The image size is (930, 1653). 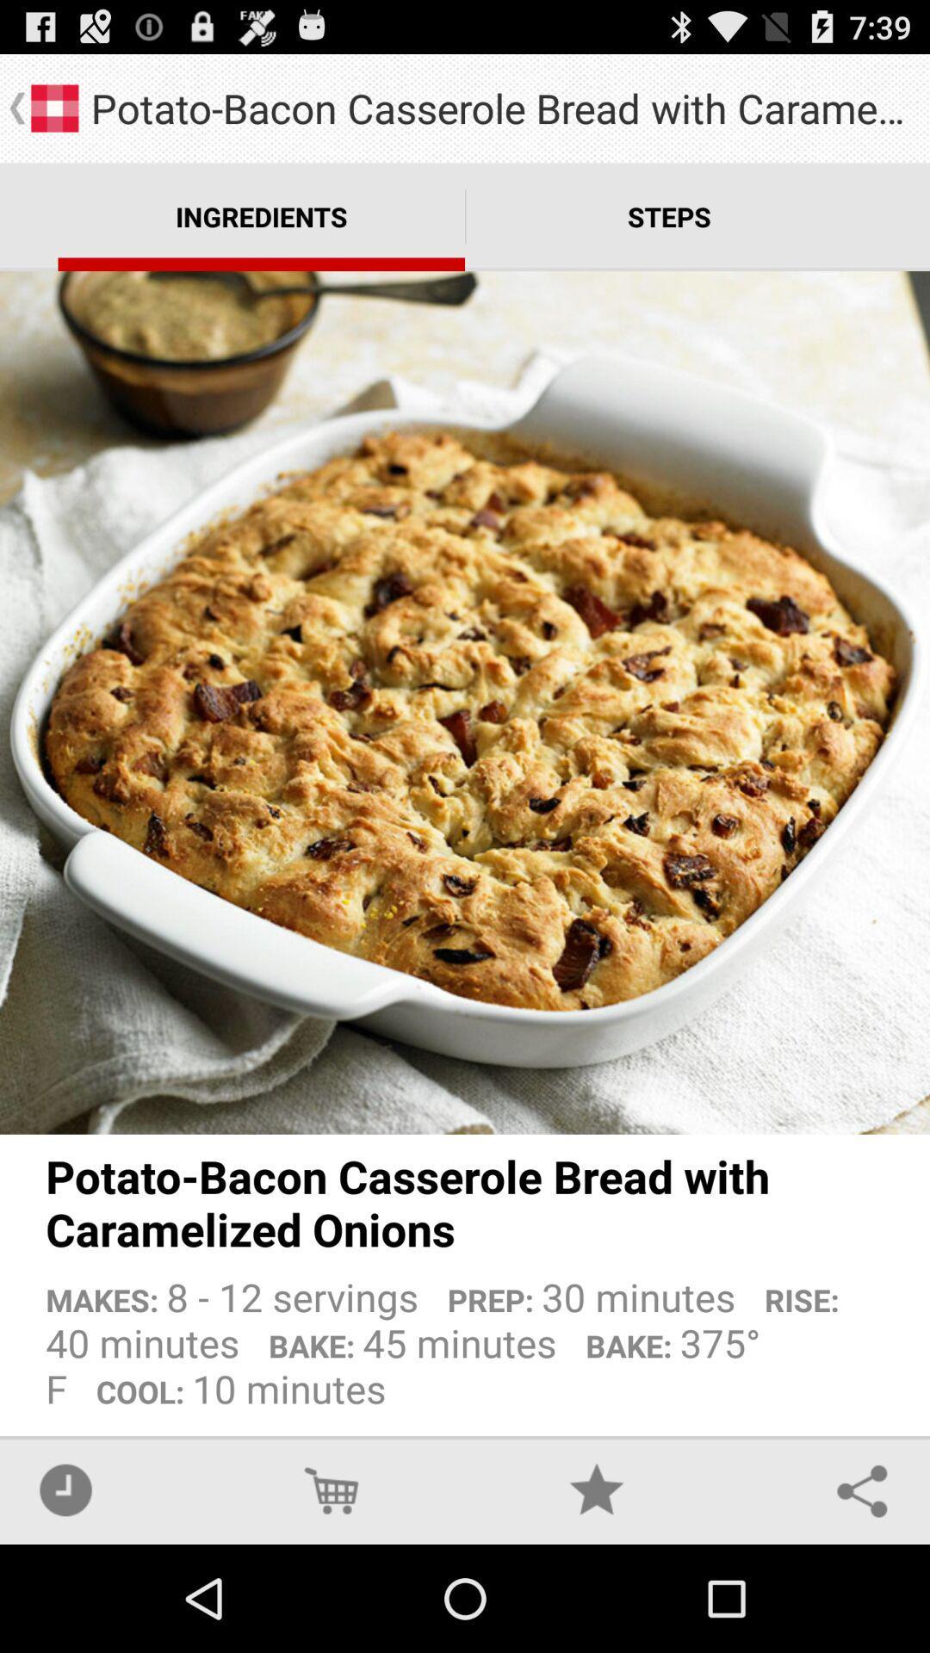 What do you see at coordinates (862, 1489) in the screenshot?
I see `icon at the bottom right corner` at bounding box center [862, 1489].